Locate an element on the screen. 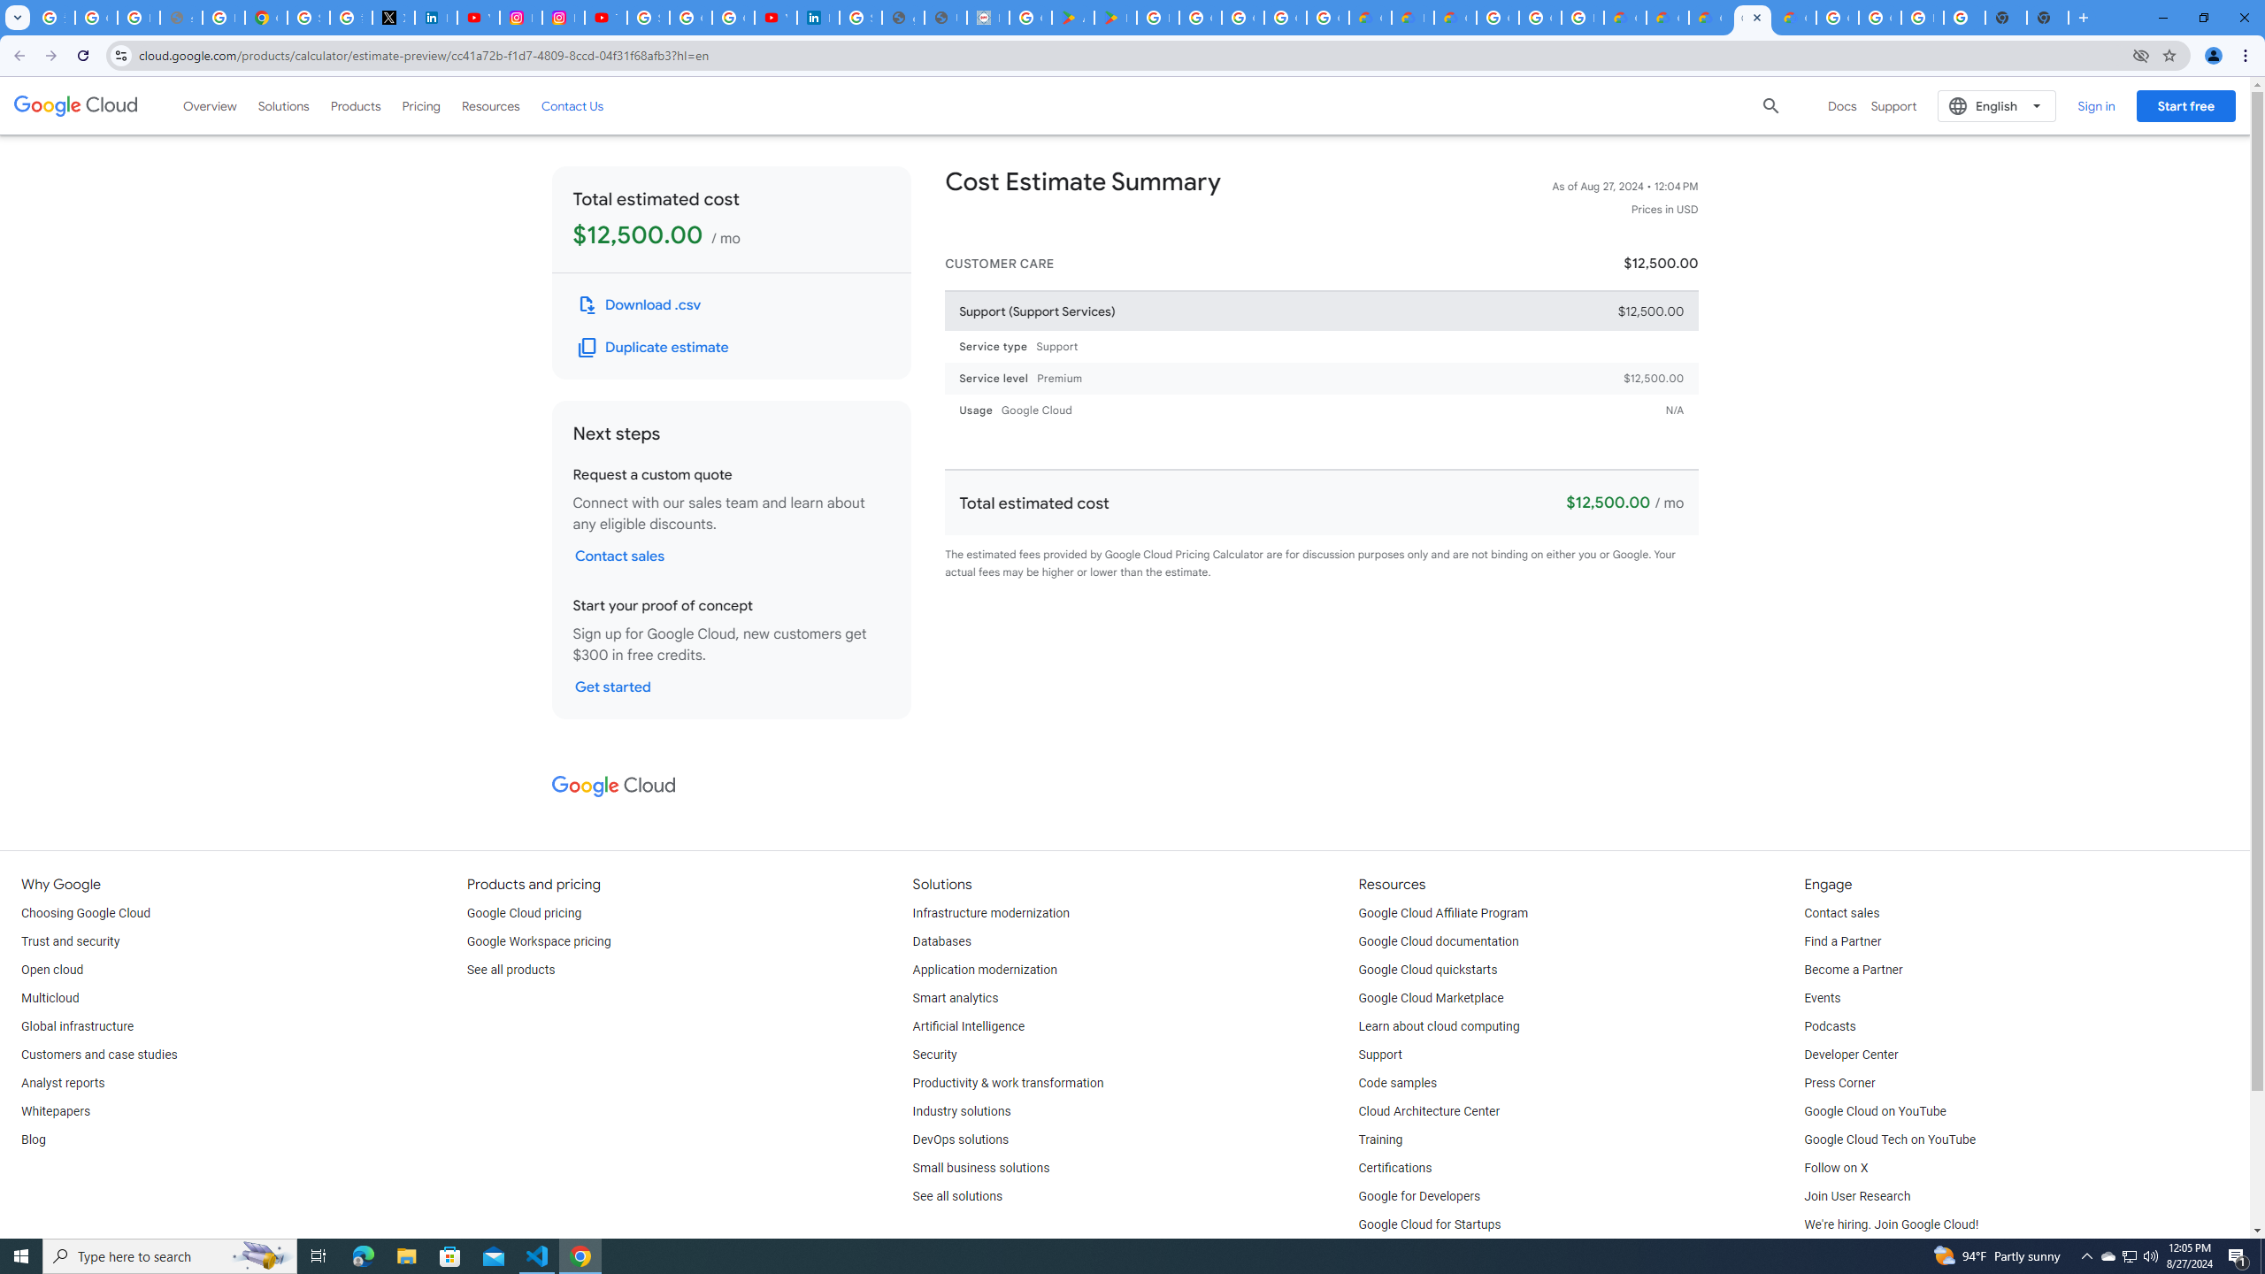 This screenshot has height=1274, width=2265. 'Google Cloud Estimate Summary' is located at coordinates (1709, 17).